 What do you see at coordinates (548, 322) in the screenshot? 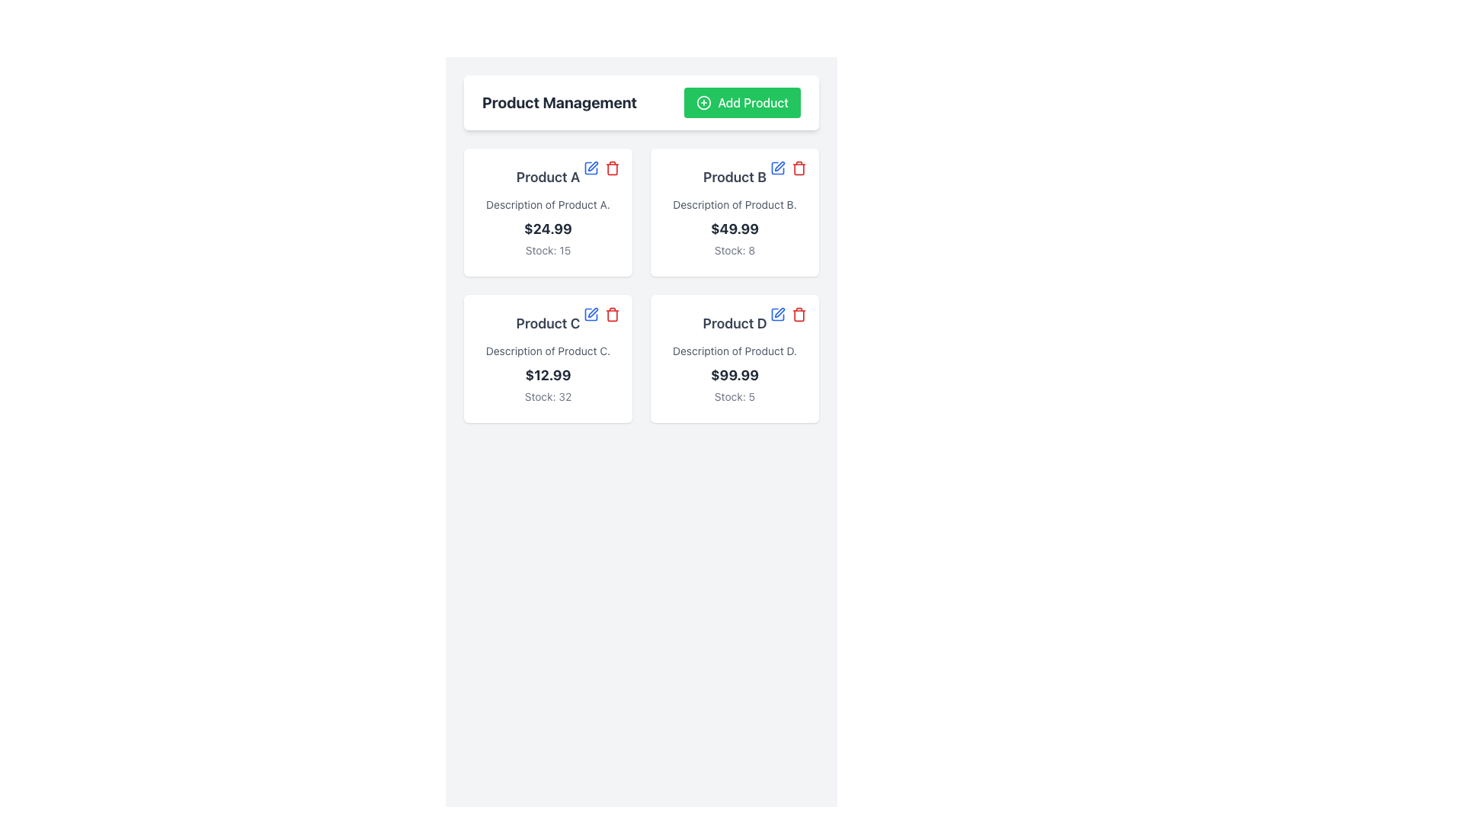
I see `the title text of the third product card, which identifies the product's name and is located at the top of the card in a 2x2 grid layout` at bounding box center [548, 322].